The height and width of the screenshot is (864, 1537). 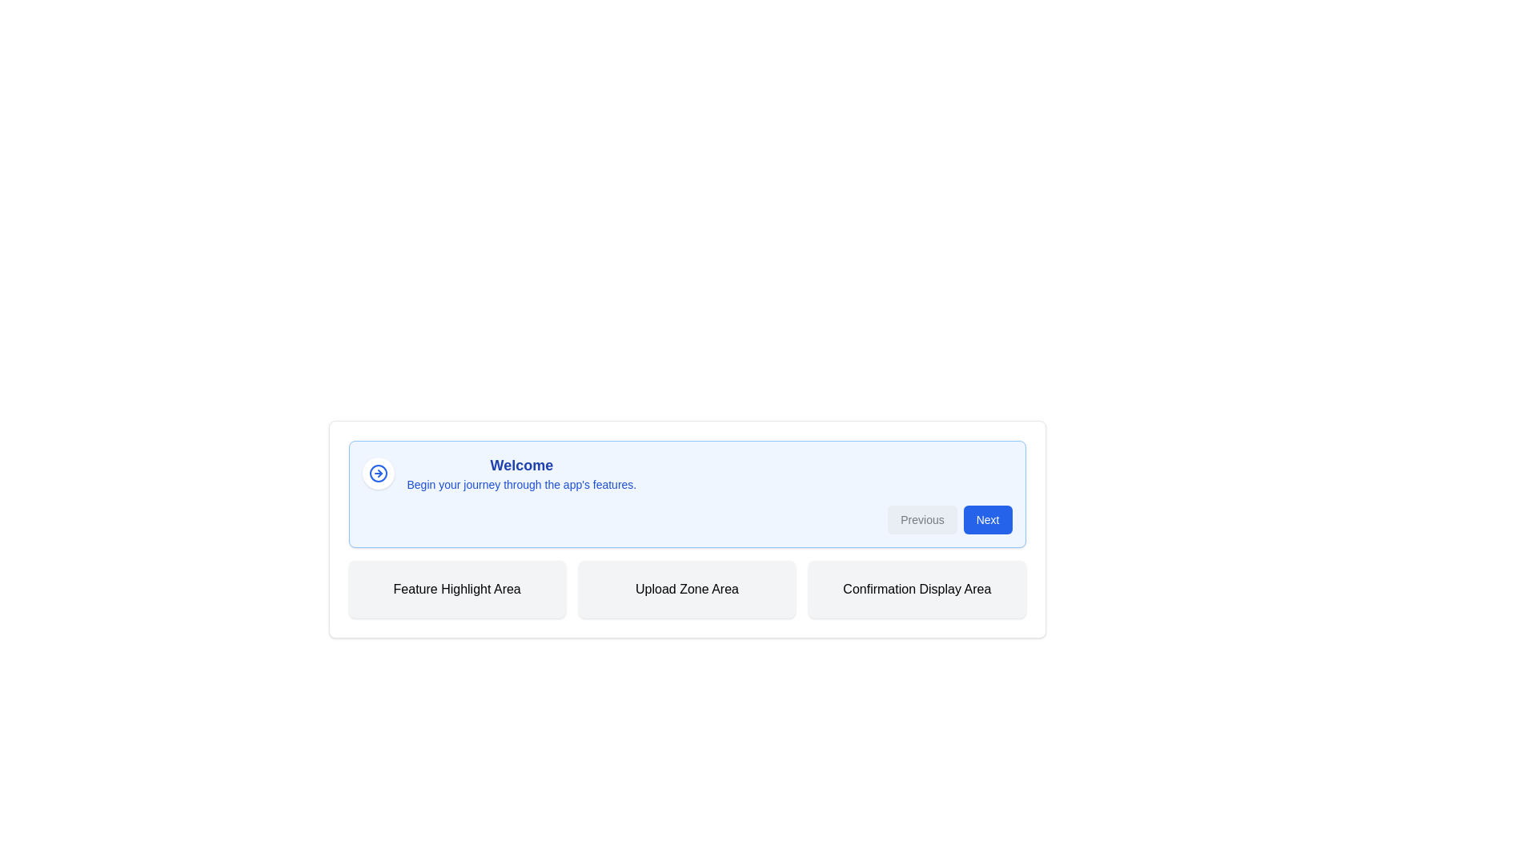 I want to click on the decorative circle element within the SVG graphic located in the bottom-right region of the centered panel, so click(x=377, y=472).